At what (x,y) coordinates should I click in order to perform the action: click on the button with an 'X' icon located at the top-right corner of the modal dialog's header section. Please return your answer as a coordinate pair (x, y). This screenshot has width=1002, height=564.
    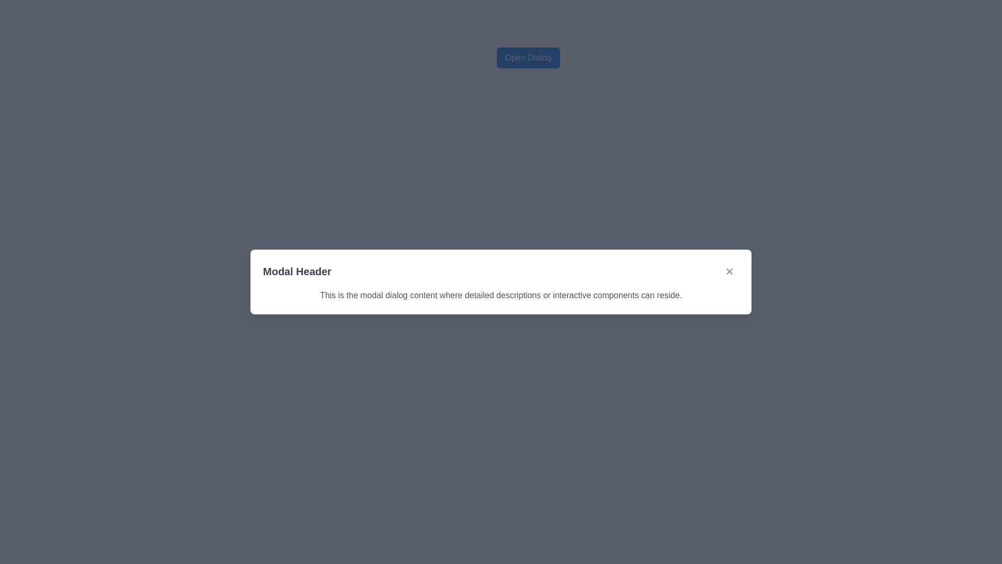
    Looking at the image, I should click on (729, 271).